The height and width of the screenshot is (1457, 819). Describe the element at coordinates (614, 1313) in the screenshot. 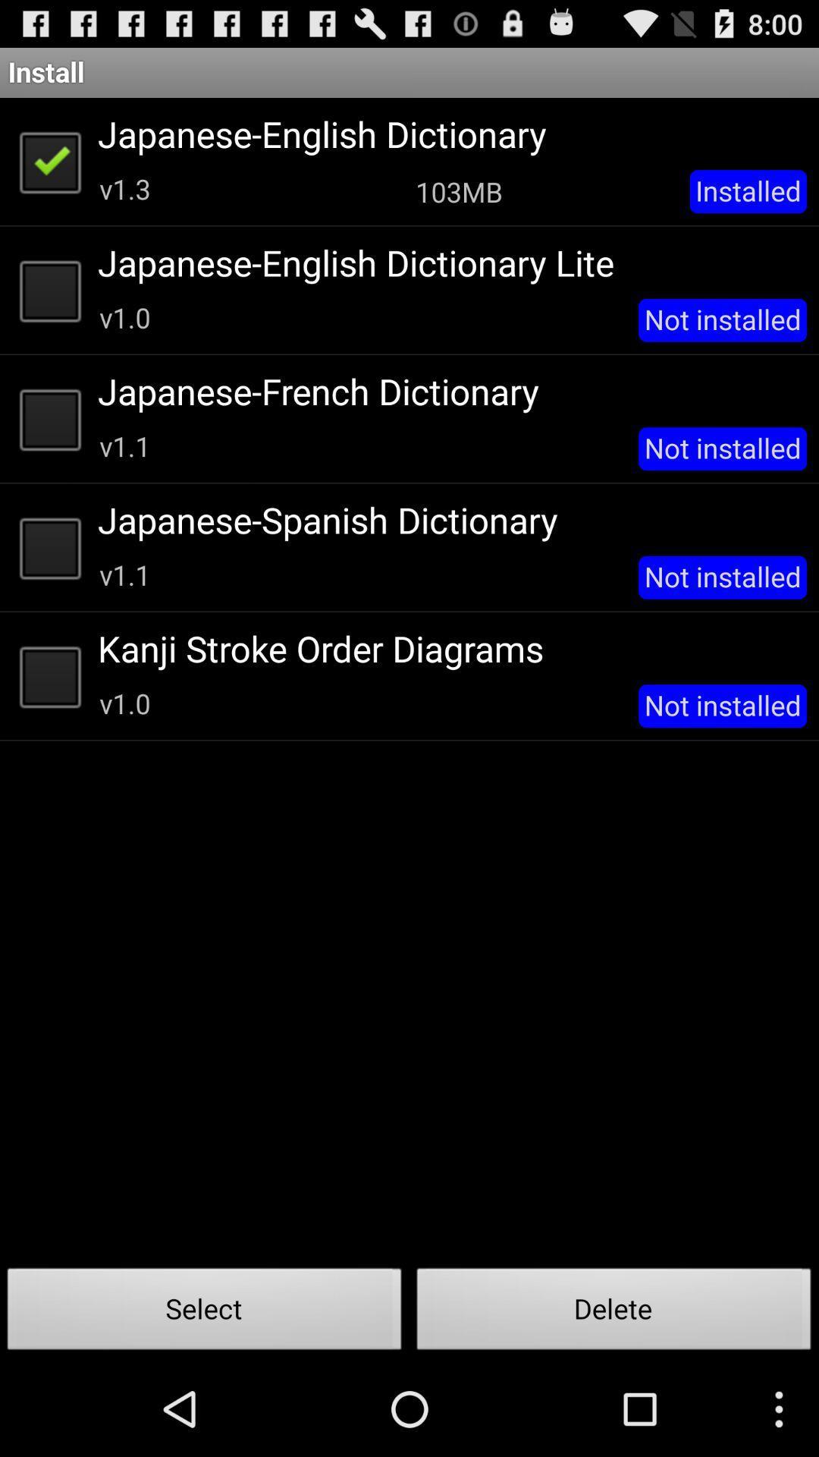

I see `icon at the bottom right corner` at that location.